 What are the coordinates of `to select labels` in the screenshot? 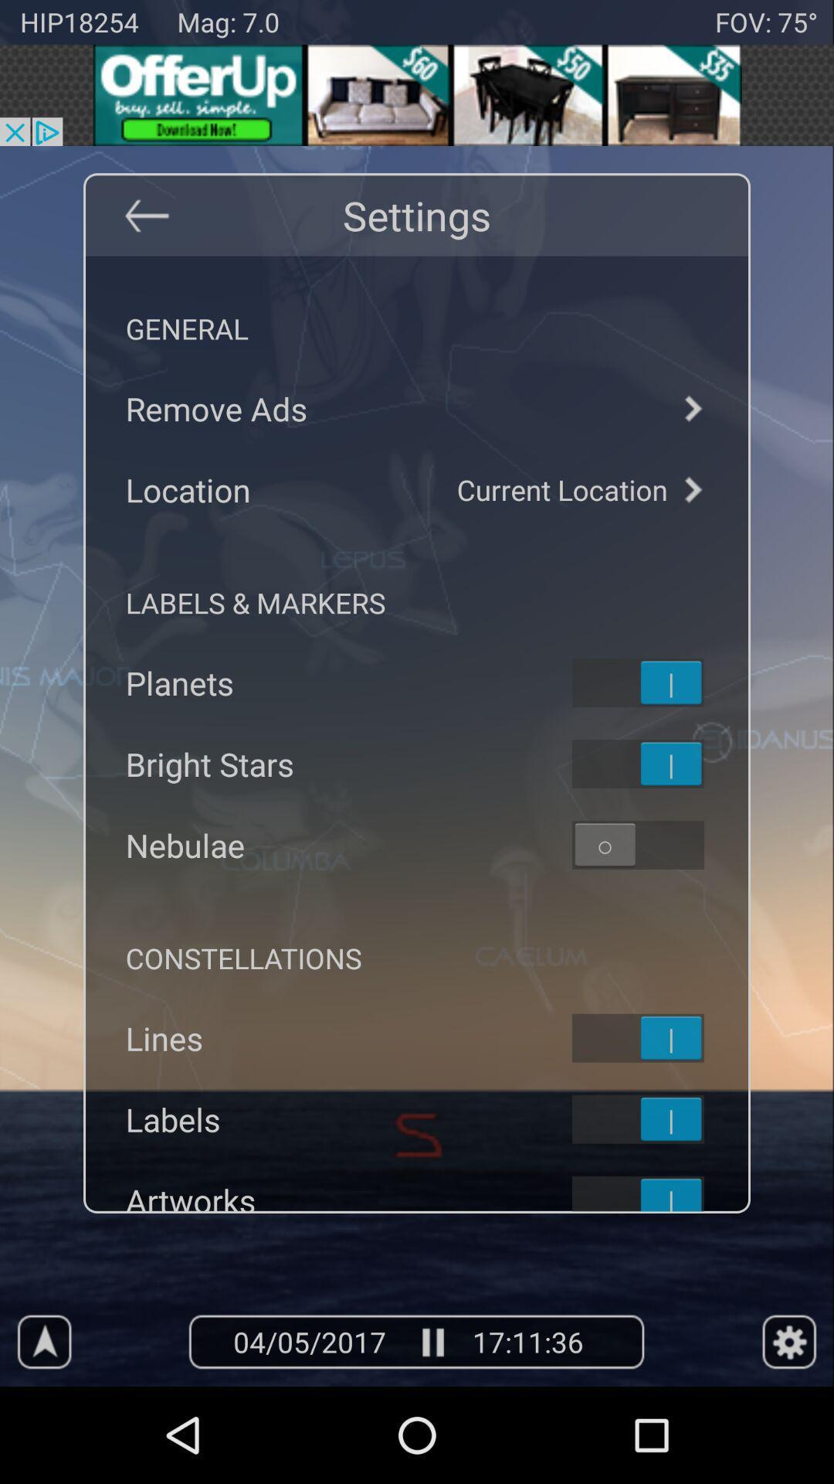 It's located at (658, 1119).